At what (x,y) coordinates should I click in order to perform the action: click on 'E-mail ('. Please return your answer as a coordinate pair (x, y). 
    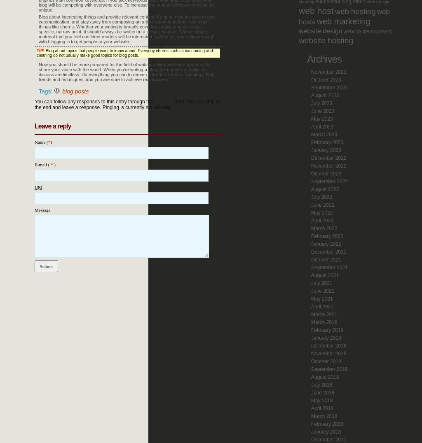
    Looking at the image, I should click on (42, 164).